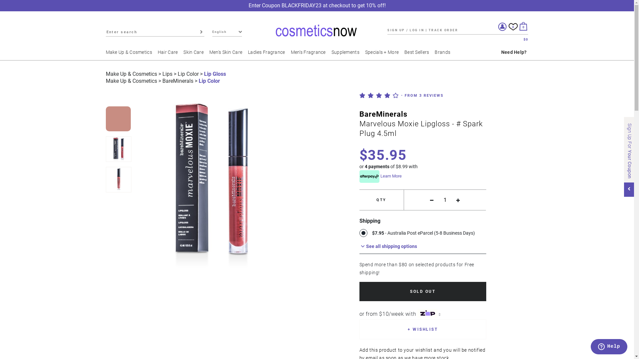 This screenshot has width=639, height=359. I want to click on 'Supplements', so click(347, 55).